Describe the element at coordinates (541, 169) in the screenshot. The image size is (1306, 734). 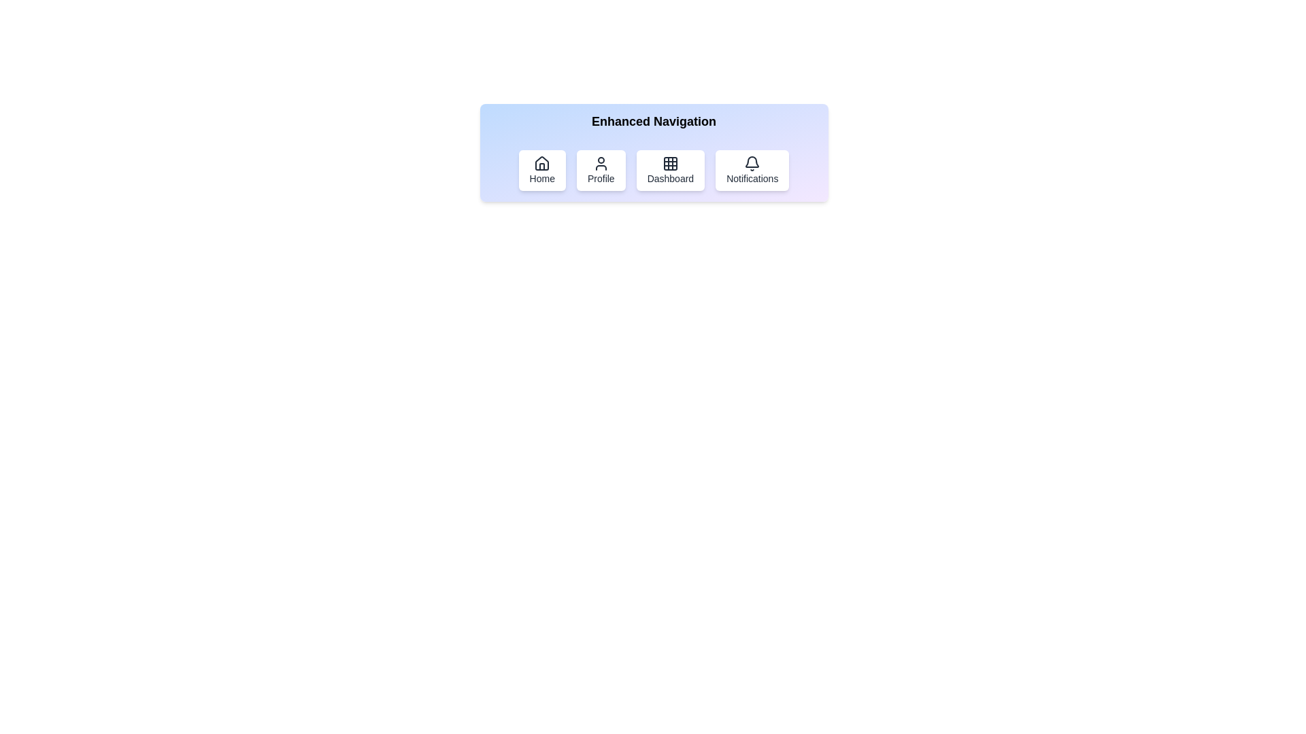
I see `the 'Home' button located at the far left of the horizontal navigation bar to trigger a hover effect` at that location.